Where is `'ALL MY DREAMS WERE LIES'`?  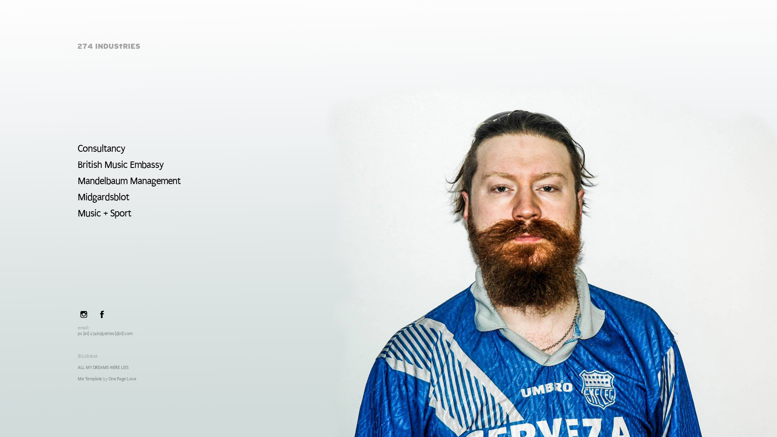 'ALL MY DREAMS WERE LIES' is located at coordinates (102, 367).